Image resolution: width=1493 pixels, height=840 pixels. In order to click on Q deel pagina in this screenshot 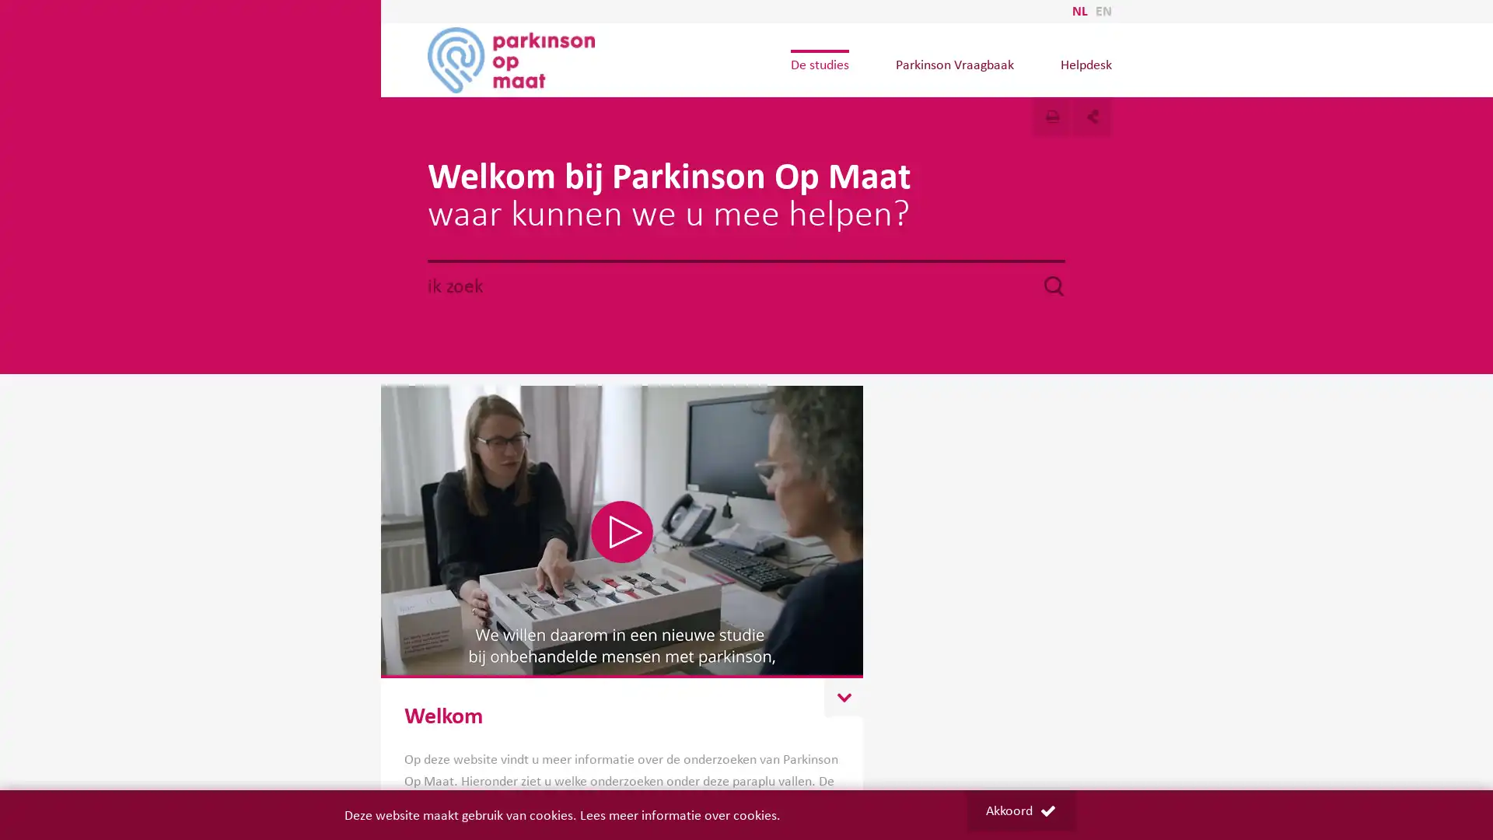, I will do `click(1092, 116)`.